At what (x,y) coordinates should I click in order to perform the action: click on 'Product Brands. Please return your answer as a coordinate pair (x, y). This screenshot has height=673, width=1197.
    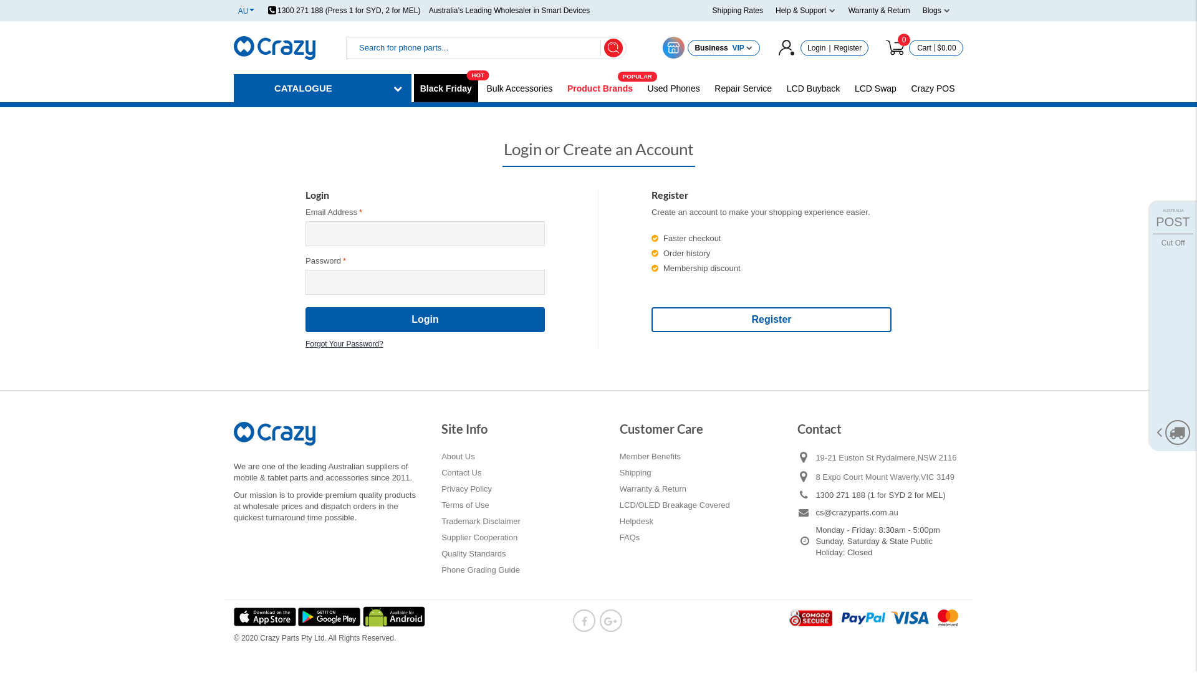
    Looking at the image, I should click on (600, 88).